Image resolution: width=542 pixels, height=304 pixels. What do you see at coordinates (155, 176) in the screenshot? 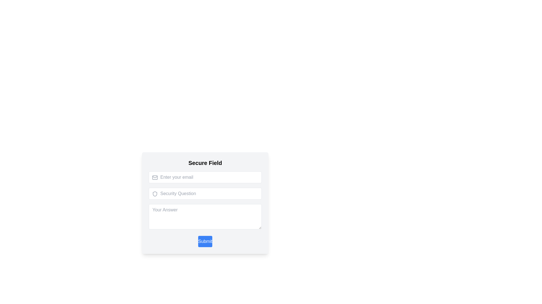
I see `the mail envelope icon located within the SVG graphics element, which is positioned to the left of the 'Enter your email' input field in the 'Secure Field' form` at bounding box center [155, 176].